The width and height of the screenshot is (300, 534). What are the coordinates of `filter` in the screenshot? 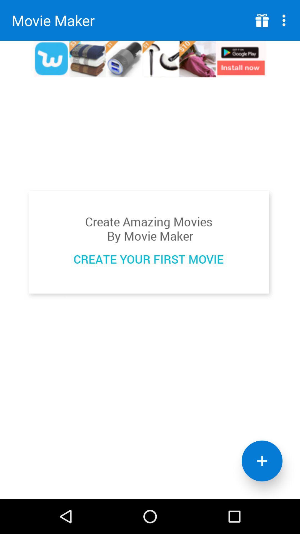 It's located at (262, 461).